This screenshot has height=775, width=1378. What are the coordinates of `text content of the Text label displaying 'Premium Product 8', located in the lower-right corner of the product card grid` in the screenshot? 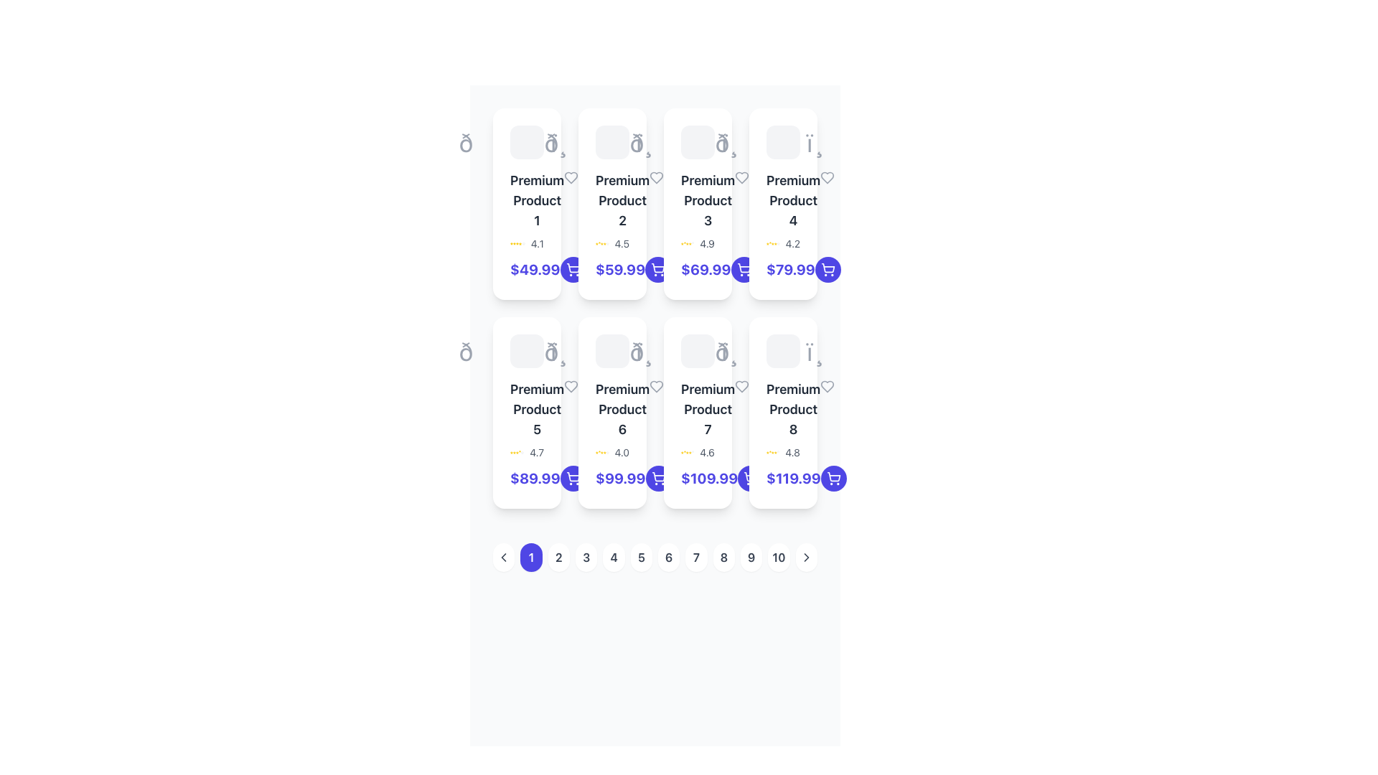 It's located at (792, 409).